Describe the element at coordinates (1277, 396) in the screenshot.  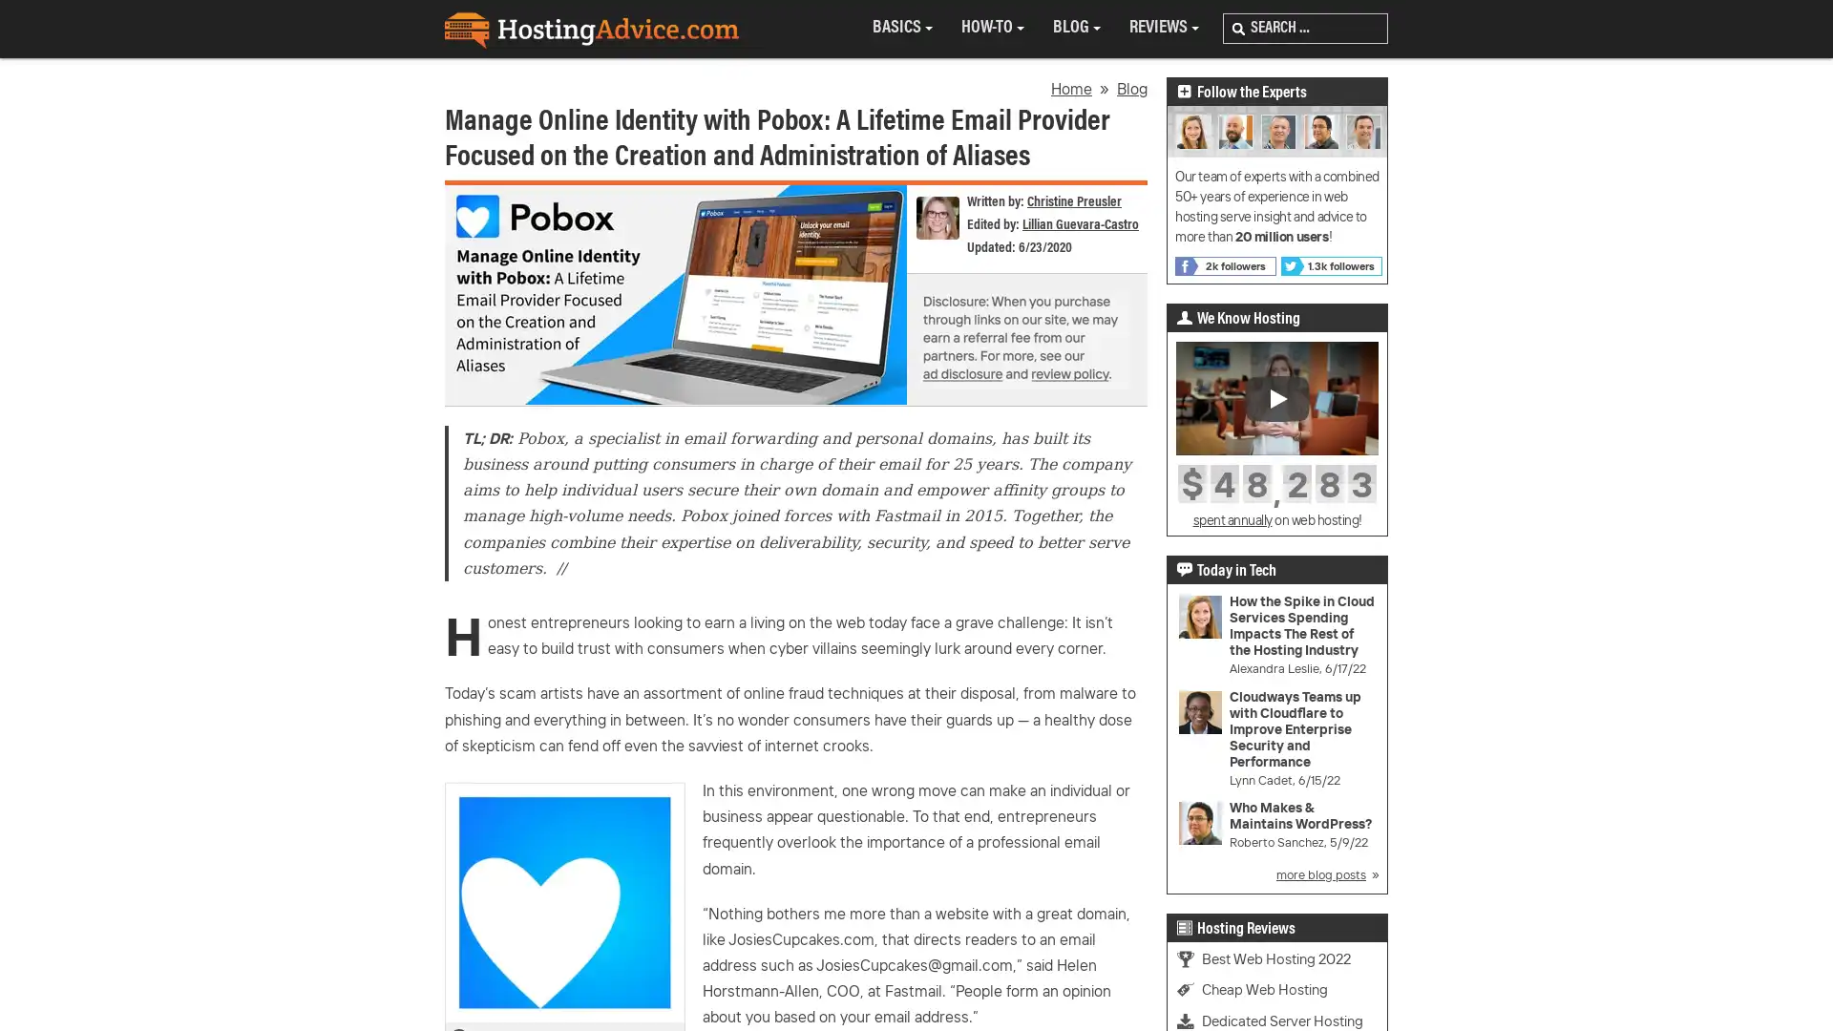
I see `Play` at that location.